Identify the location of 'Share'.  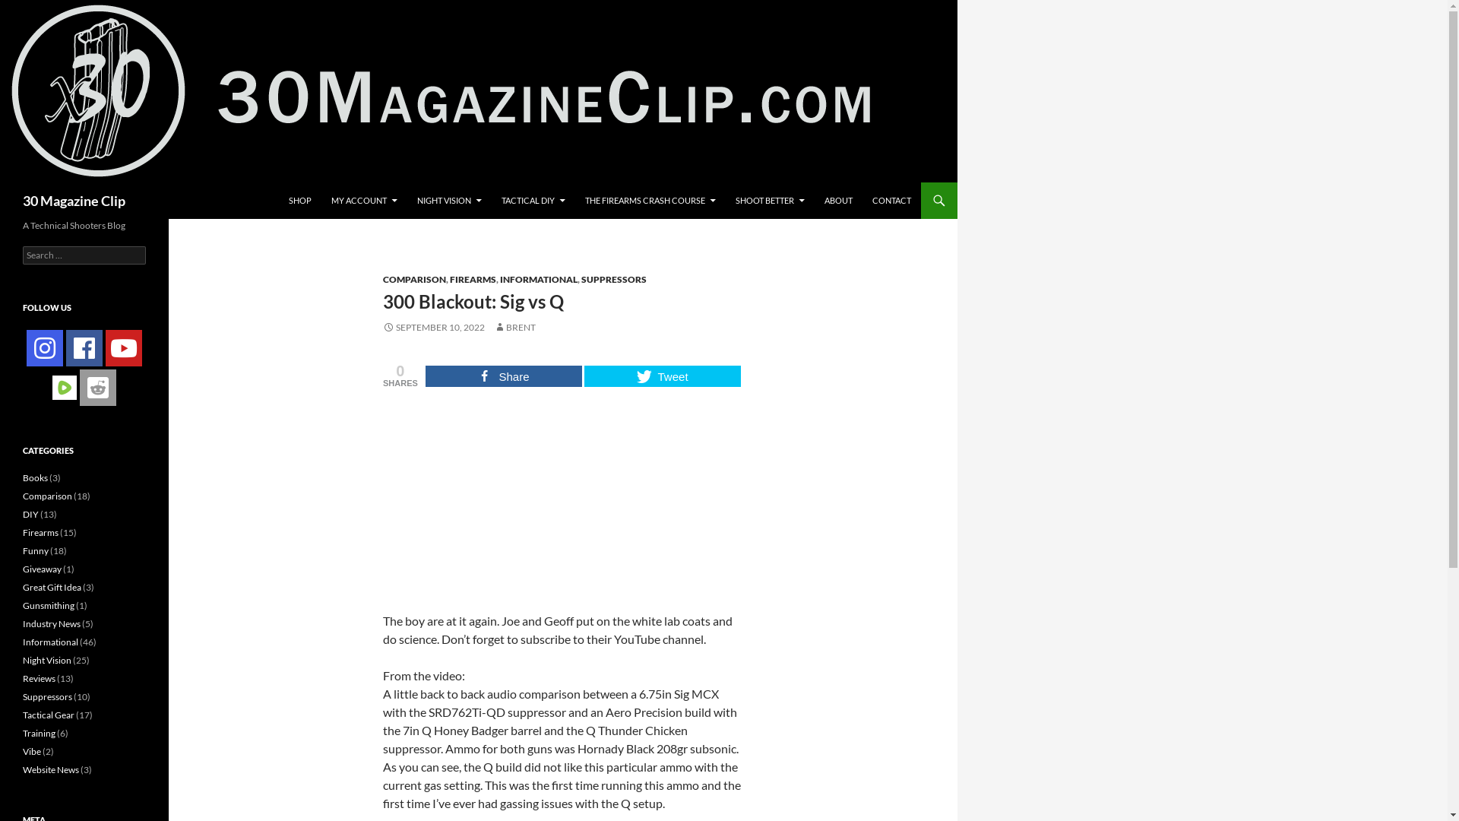
(503, 376).